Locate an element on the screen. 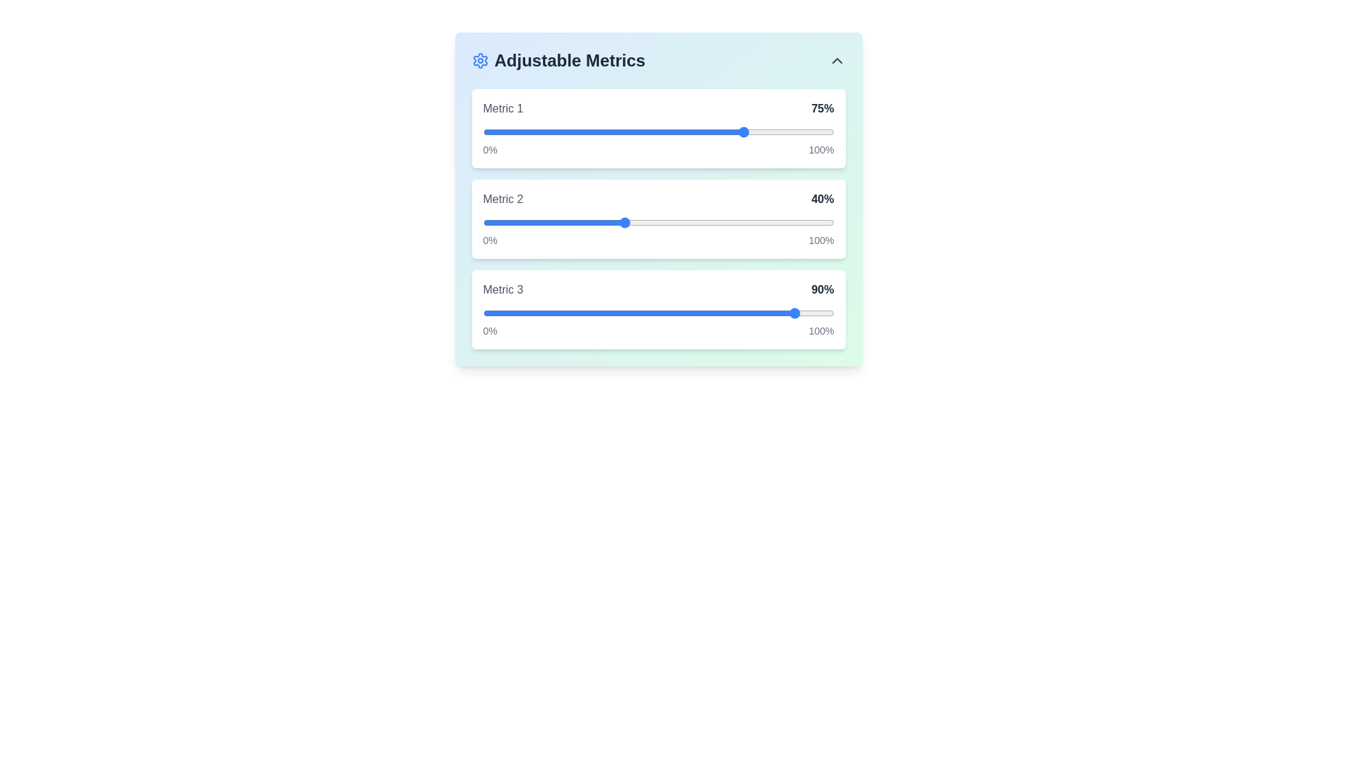  the horizontal slider for 'Metric 2' to move the thumb to the clicked position is located at coordinates (658, 219).